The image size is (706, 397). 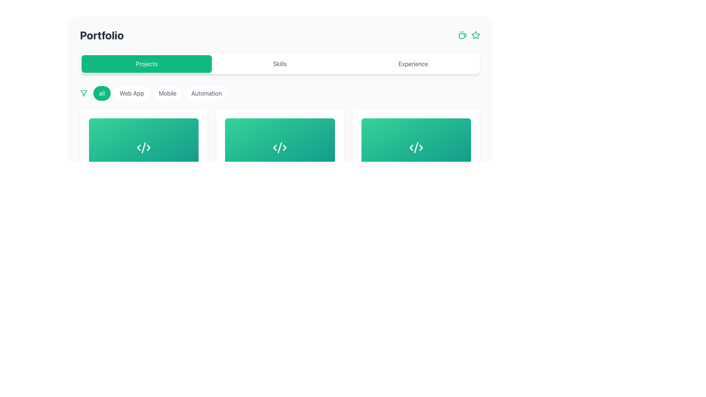 I want to click on the bold, large 'Portfolio' heading text displayed in dark gray at the top-left area of the interface, so click(x=101, y=35).